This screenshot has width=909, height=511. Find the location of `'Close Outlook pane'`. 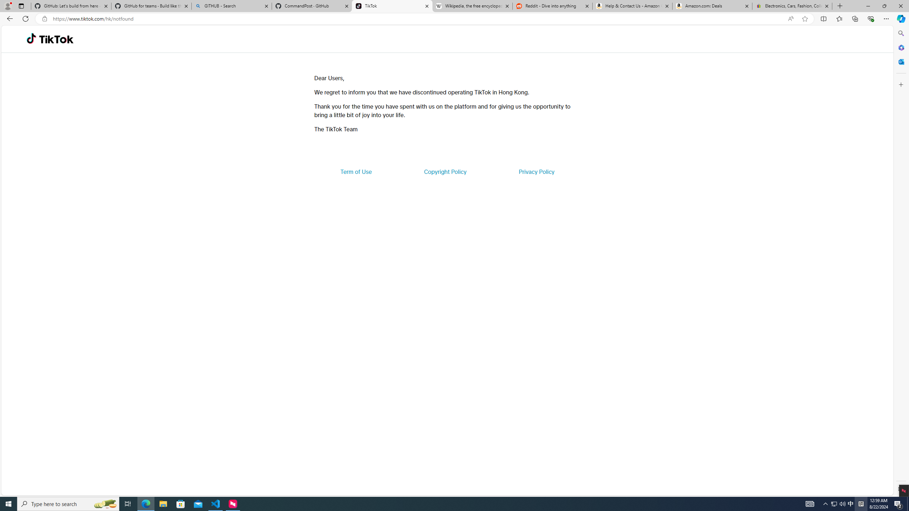

'Close Outlook pane' is located at coordinates (900, 61).